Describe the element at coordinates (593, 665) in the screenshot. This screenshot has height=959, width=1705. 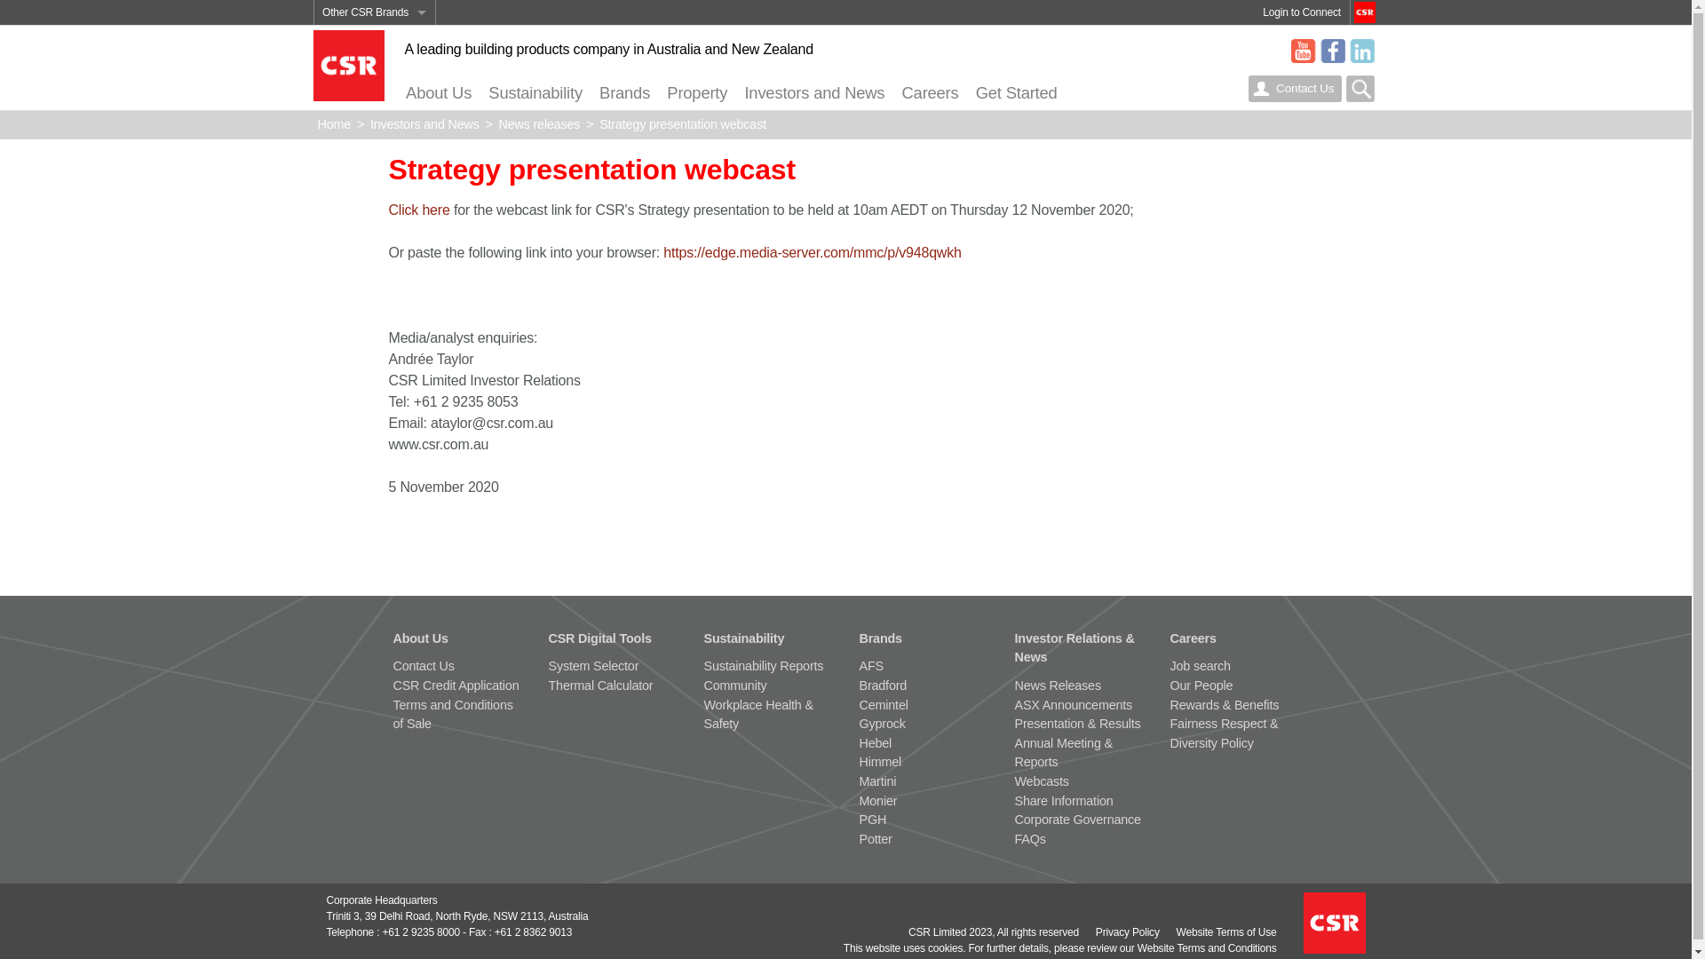
I see `'System Selector'` at that location.